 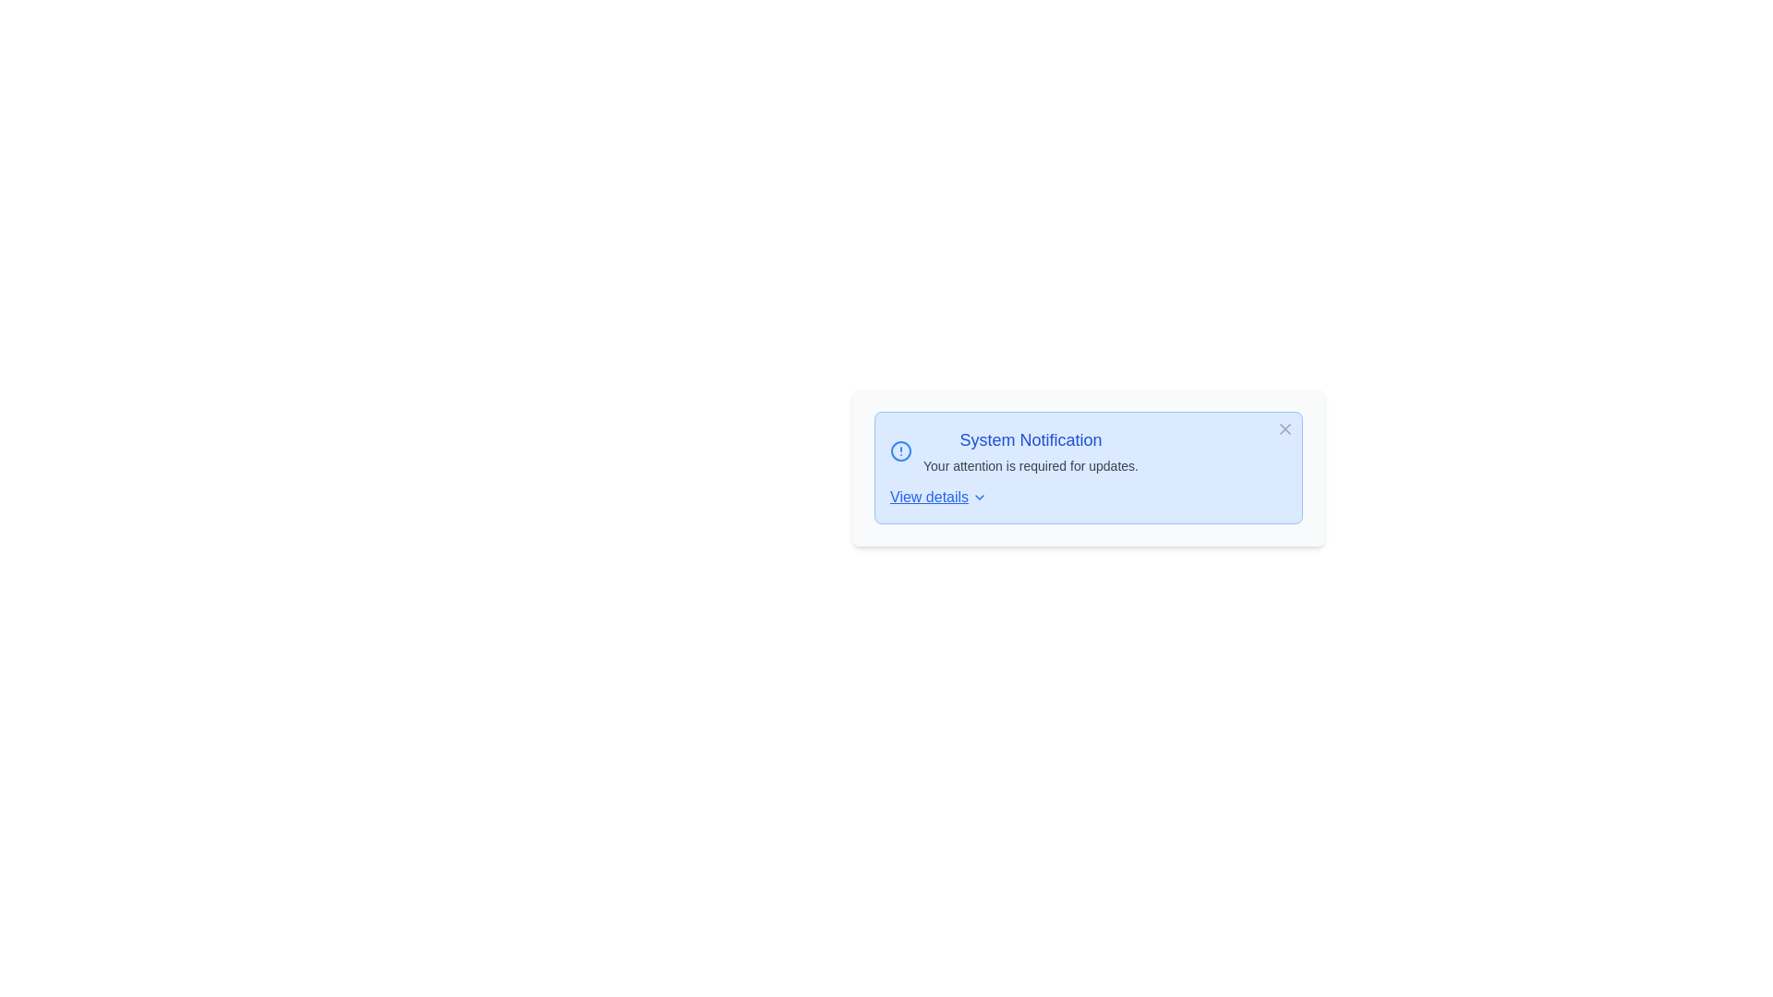 What do you see at coordinates (1285, 429) in the screenshot?
I see `the small gray cross (X) icon in the top-right corner of the blue notification box` at bounding box center [1285, 429].